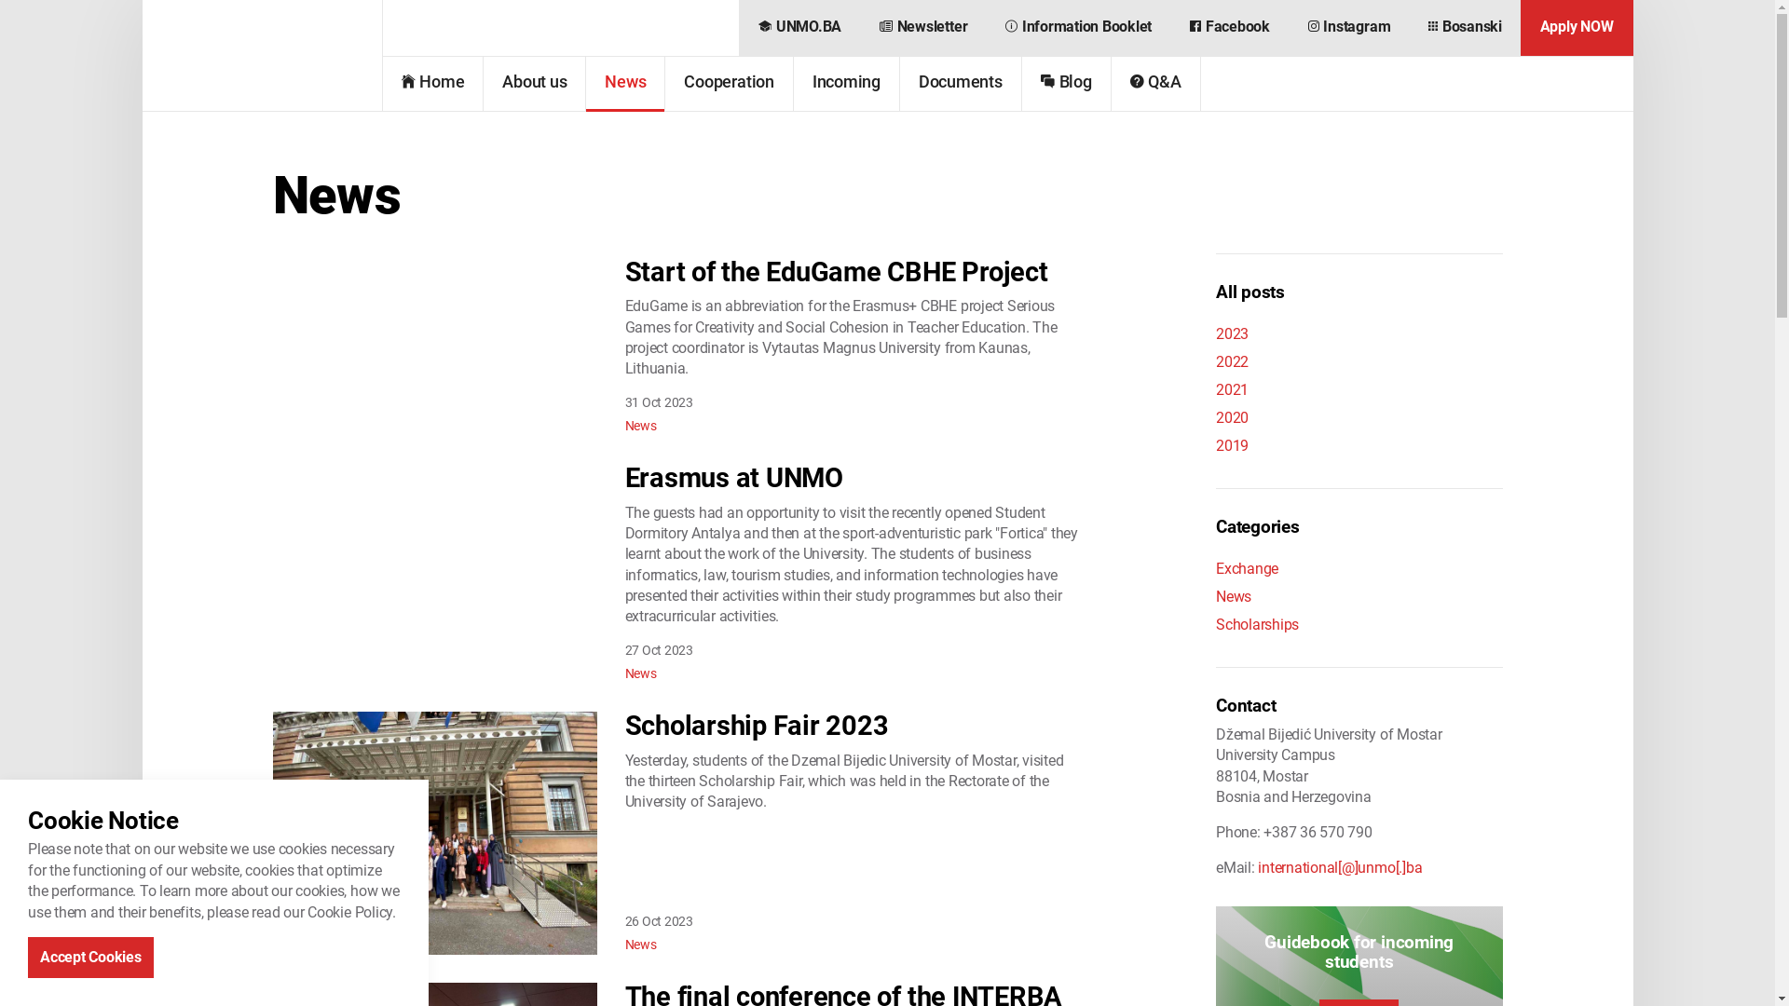  I want to click on 'Information Booklet', so click(1078, 28).